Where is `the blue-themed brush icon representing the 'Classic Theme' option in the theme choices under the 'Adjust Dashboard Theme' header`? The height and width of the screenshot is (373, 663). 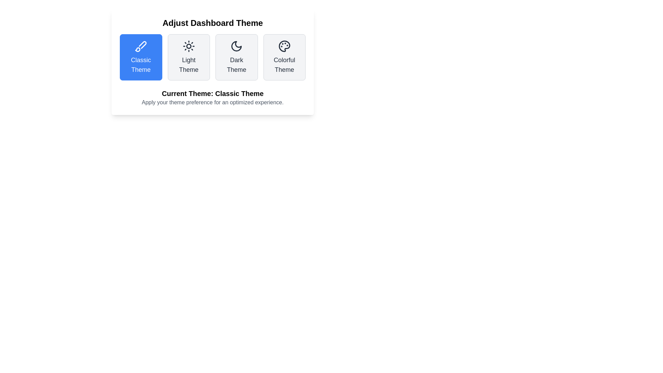 the blue-themed brush icon representing the 'Classic Theme' option in the theme choices under the 'Adjust Dashboard Theme' header is located at coordinates (141, 46).